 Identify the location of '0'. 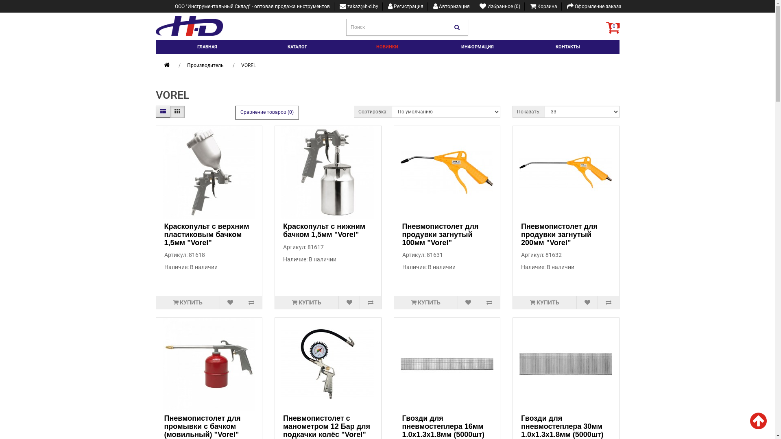
(613, 26).